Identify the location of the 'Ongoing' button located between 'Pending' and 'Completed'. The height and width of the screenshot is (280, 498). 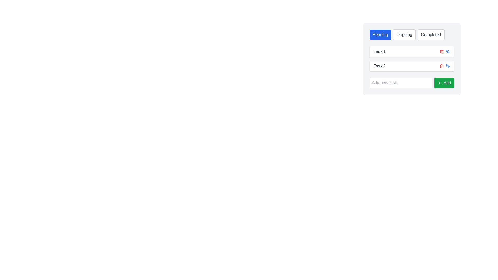
(404, 35).